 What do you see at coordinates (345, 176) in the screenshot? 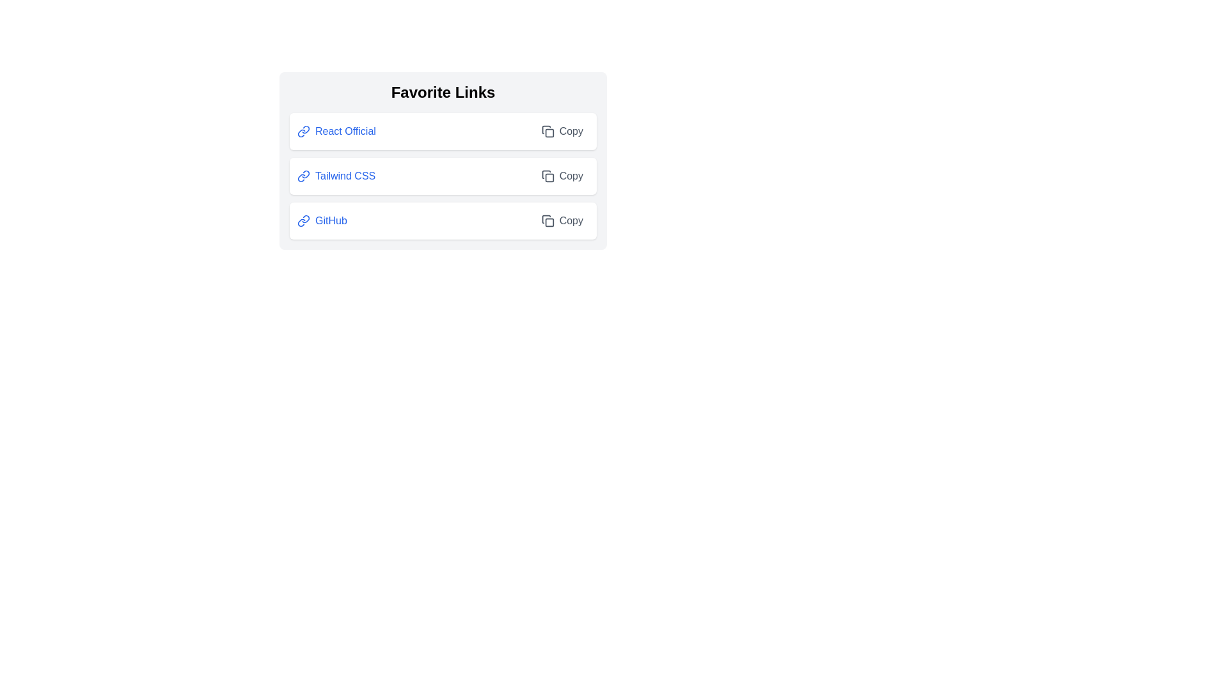
I see `the hyperlink text element that directs to the Tailwind CSS website` at bounding box center [345, 176].